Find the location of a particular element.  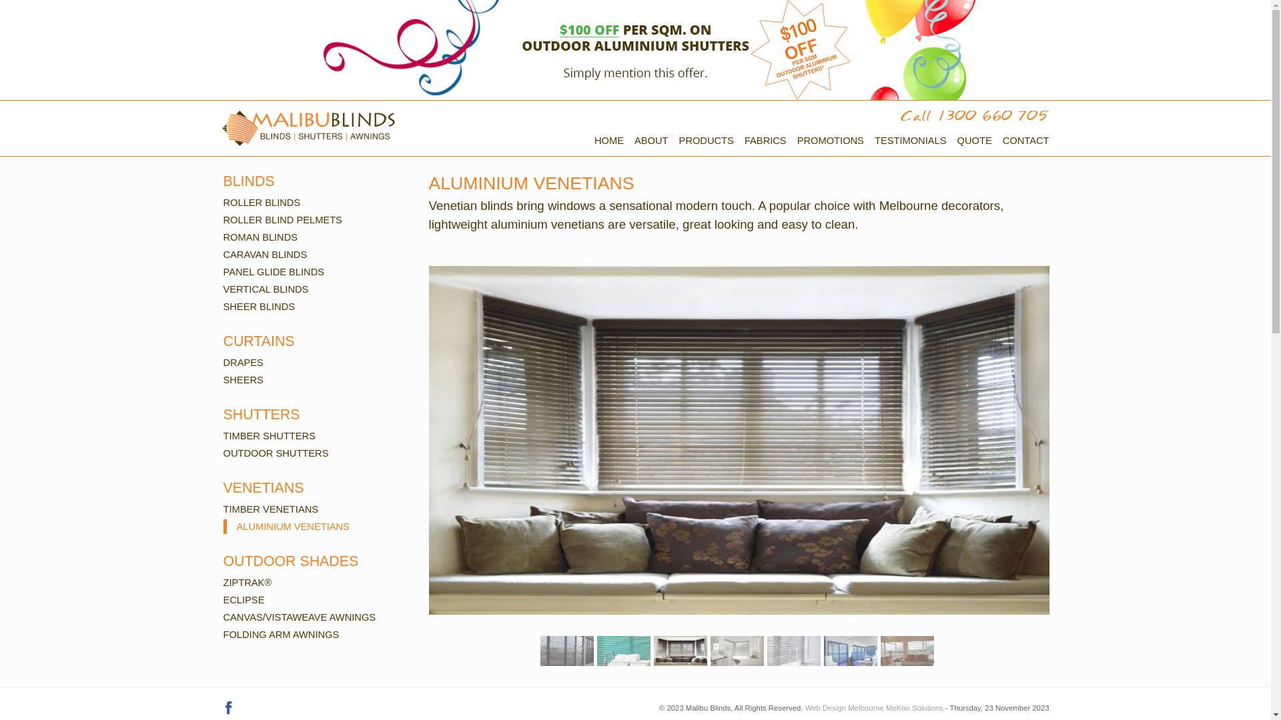

'ECLIPSE' is located at coordinates (223, 599).